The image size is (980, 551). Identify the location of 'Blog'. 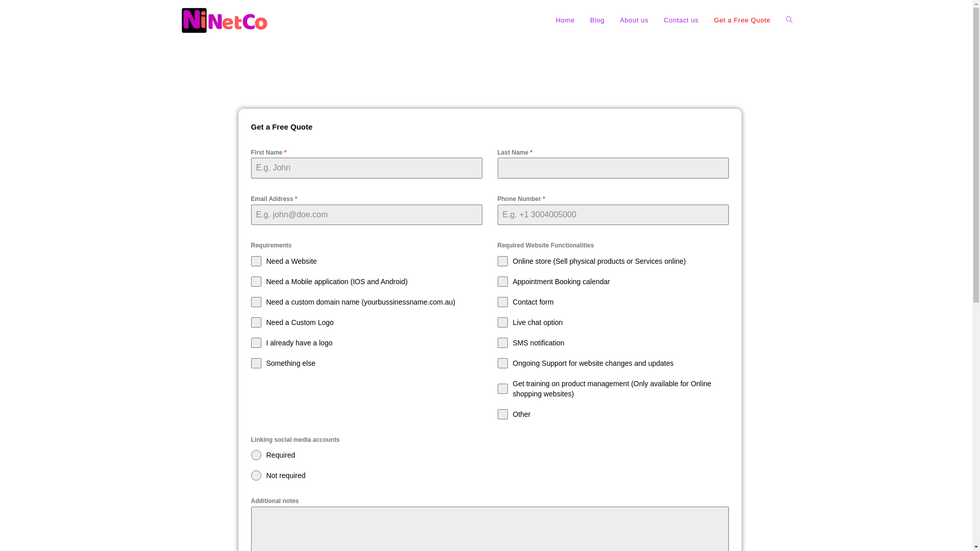
(597, 20).